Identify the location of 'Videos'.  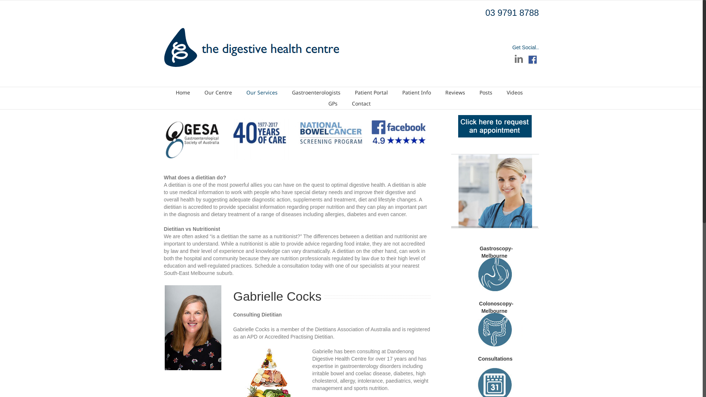
(506, 92).